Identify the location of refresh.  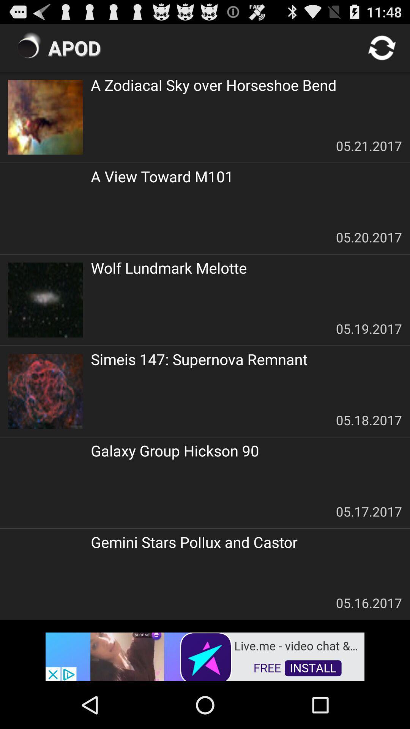
(382, 47).